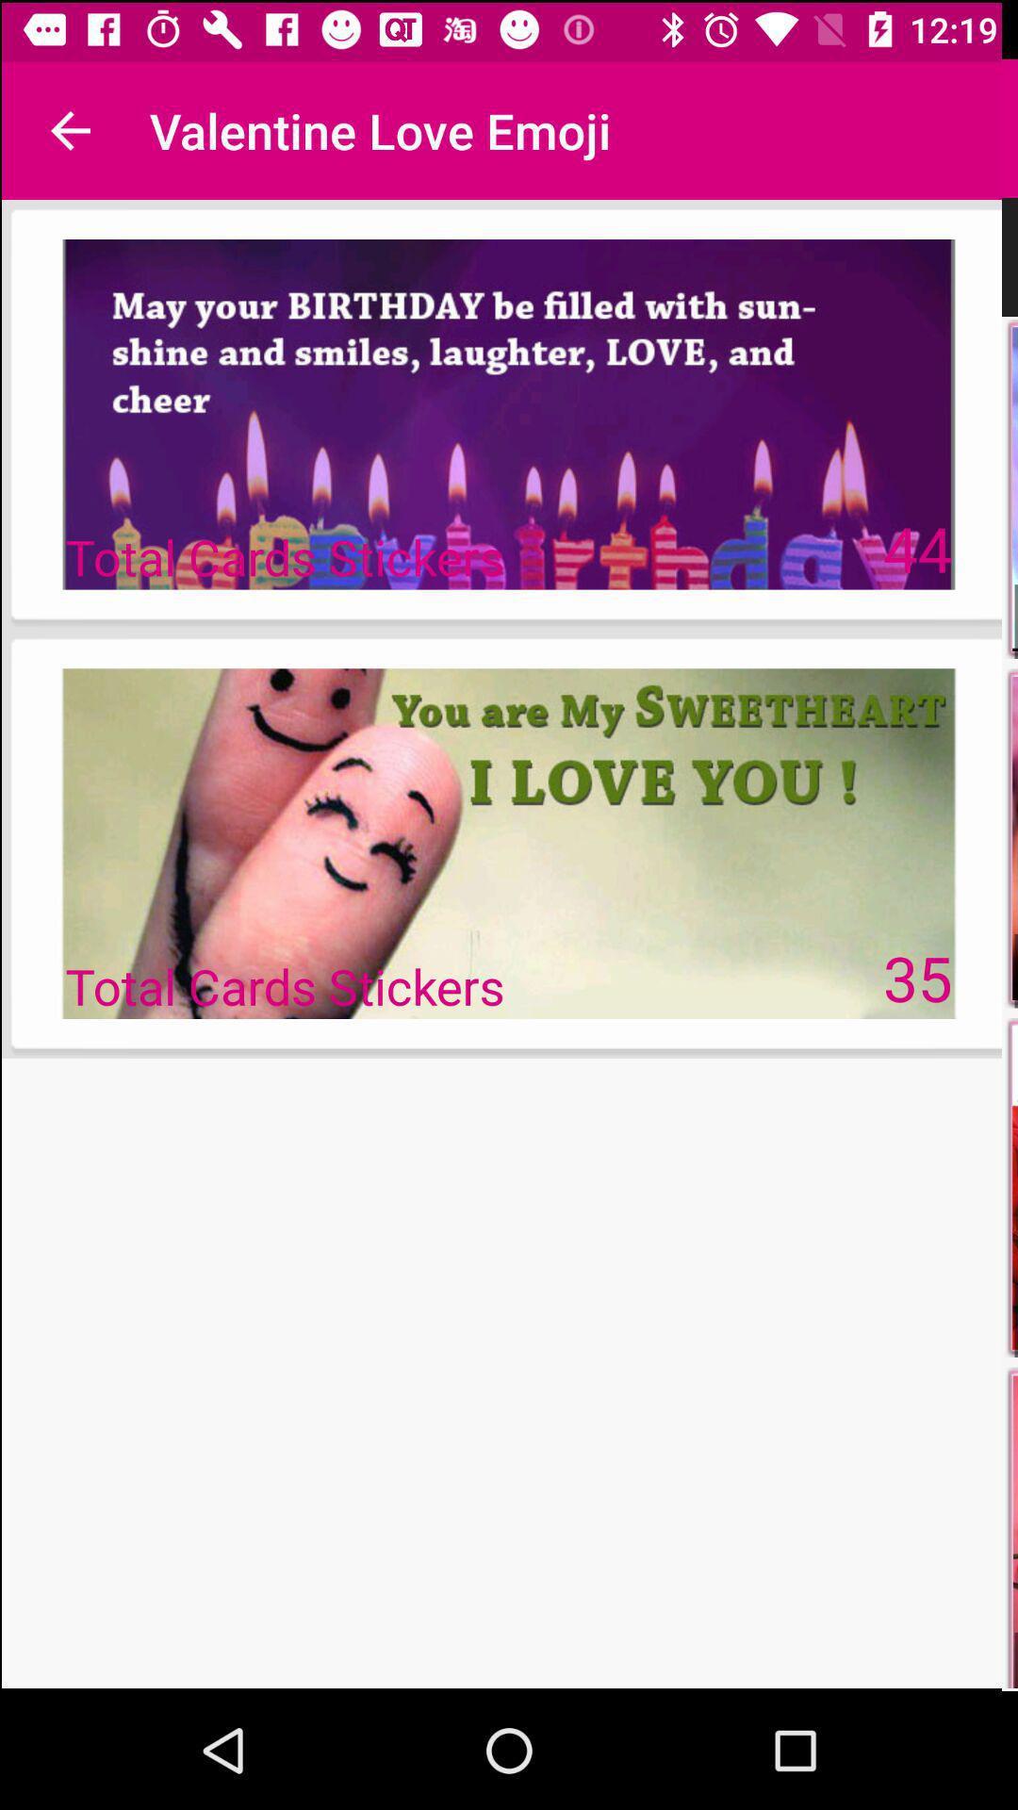  Describe the element at coordinates (68, 127) in the screenshot. I see `the icon next to valentine love emoji icon` at that location.